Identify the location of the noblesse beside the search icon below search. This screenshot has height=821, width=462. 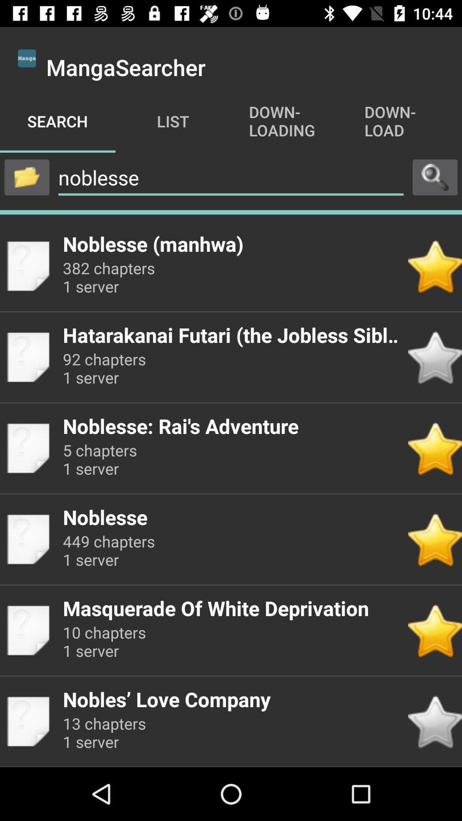
(231, 177).